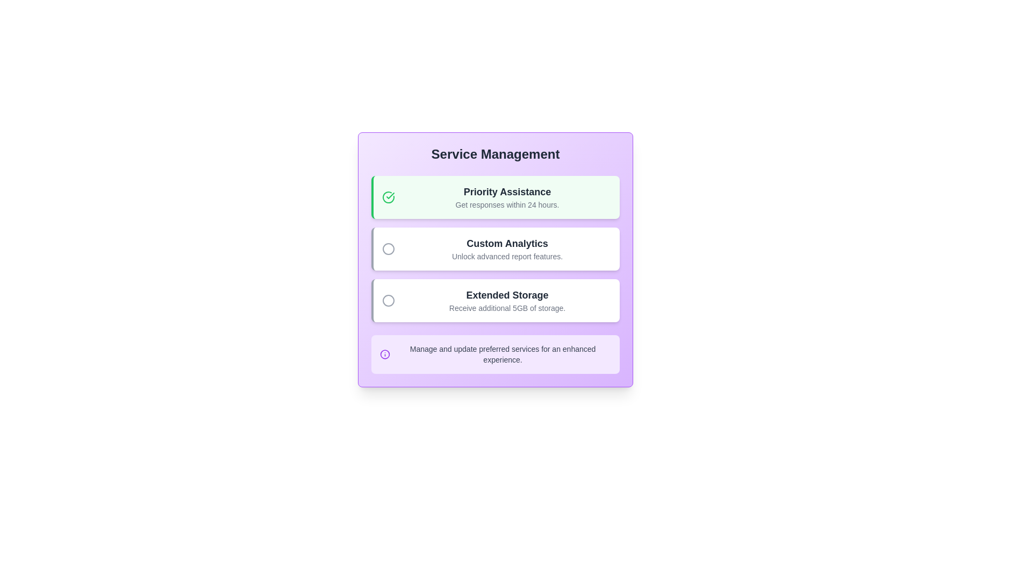  What do you see at coordinates (507, 192) in the screenshot?
I see `the 'Priority Assistance' text label, which serves as the title for the feature and is positioned above the text 'Get responses within 24 hours.'` at bounding box center [507, 192].